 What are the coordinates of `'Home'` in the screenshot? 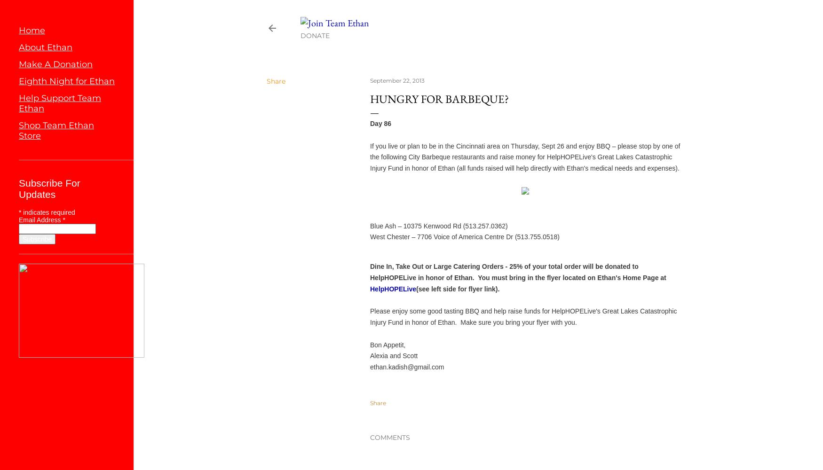 It's located at (32, 30).